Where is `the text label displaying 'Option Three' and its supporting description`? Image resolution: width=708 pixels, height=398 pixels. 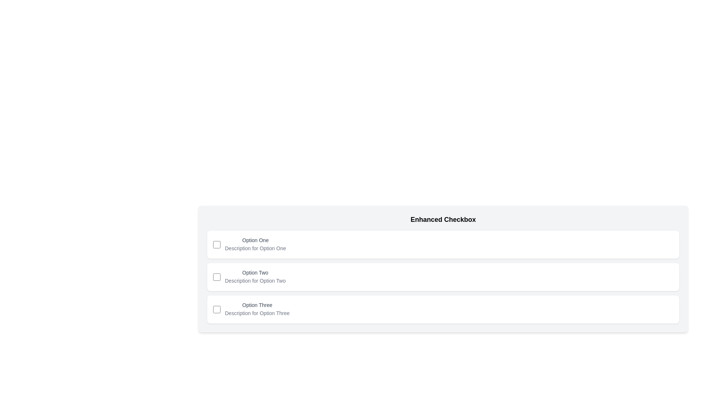
the text label displaying 'Option Three' and its supporting description is located at coordinates (257, 310).